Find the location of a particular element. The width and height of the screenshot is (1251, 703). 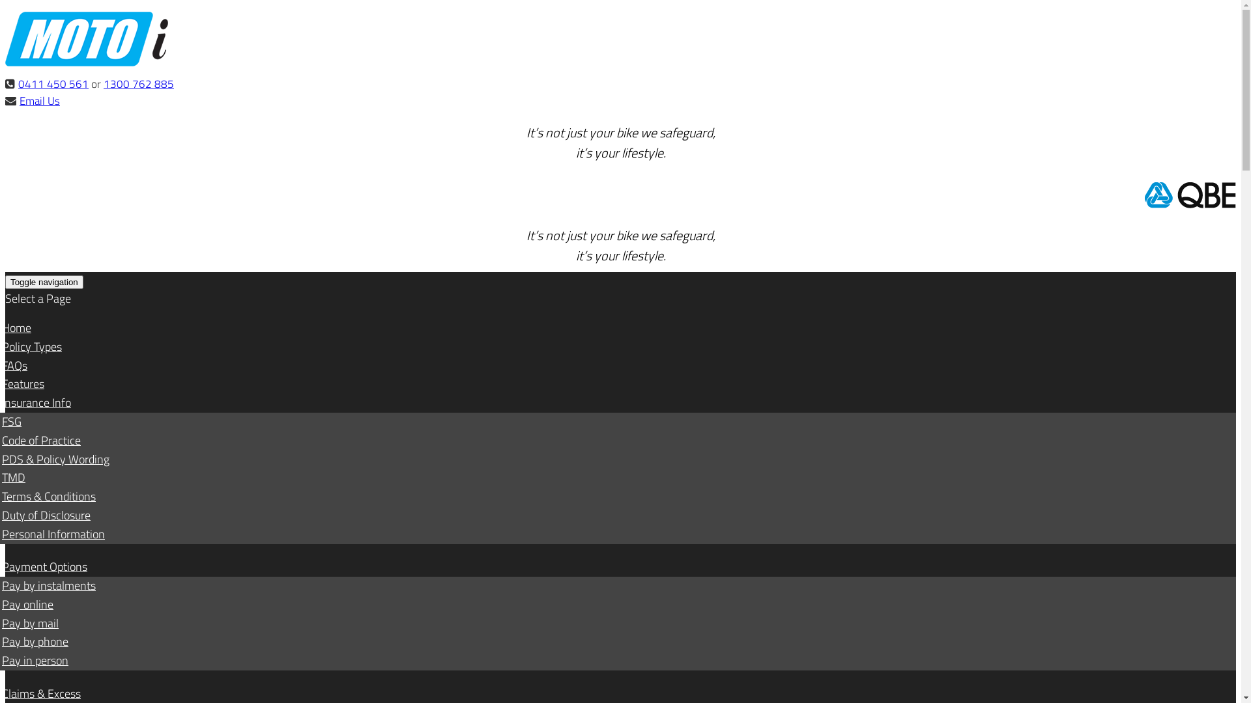

'Email Us' is located at coordinates (40, 100).